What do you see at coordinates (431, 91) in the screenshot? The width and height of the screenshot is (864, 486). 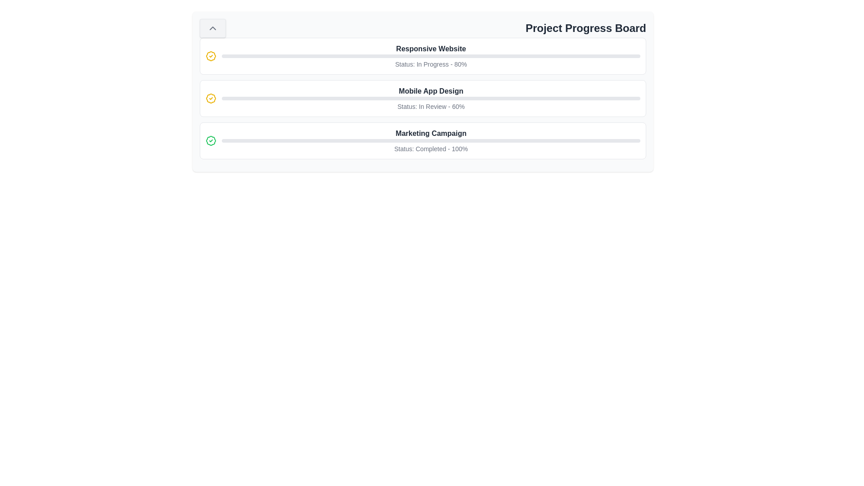 I see `the text label displaying 'Mobile App Design' in bold font and dark gray color, located in the second section of the progress board` at bounding box center [431, 91].